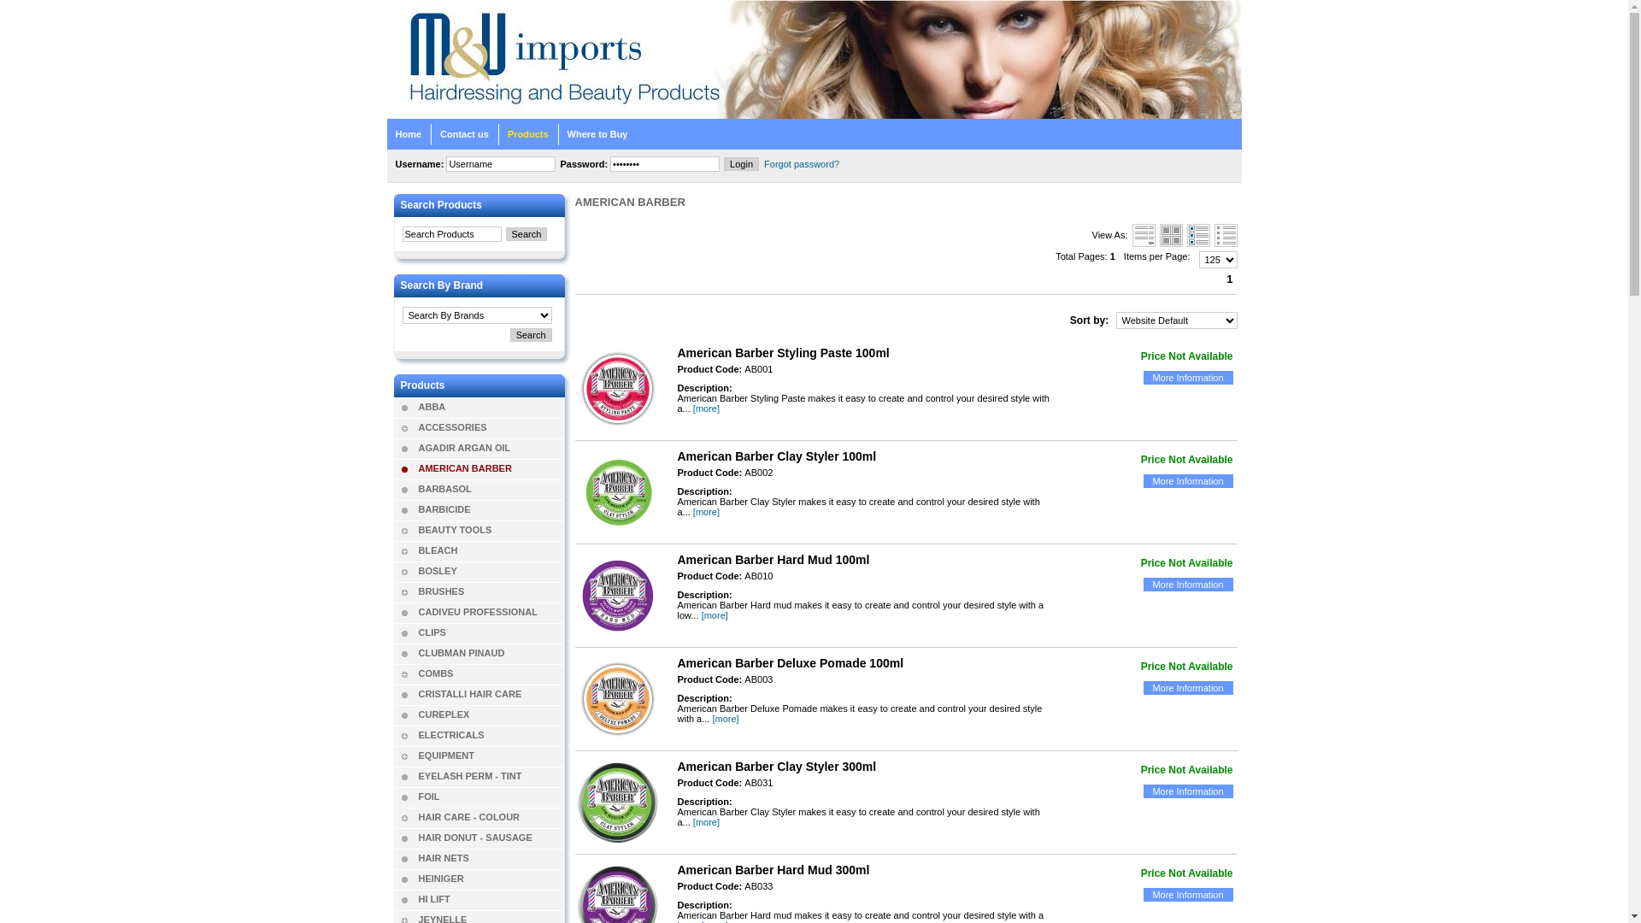 Image resolution: width=1641 pixels, height=923 pixels. What do you see at coordinates (490, 816) in the screenshot?
I see `'HAIR CARE - COLOUR'` at bounding box center [490, 816].